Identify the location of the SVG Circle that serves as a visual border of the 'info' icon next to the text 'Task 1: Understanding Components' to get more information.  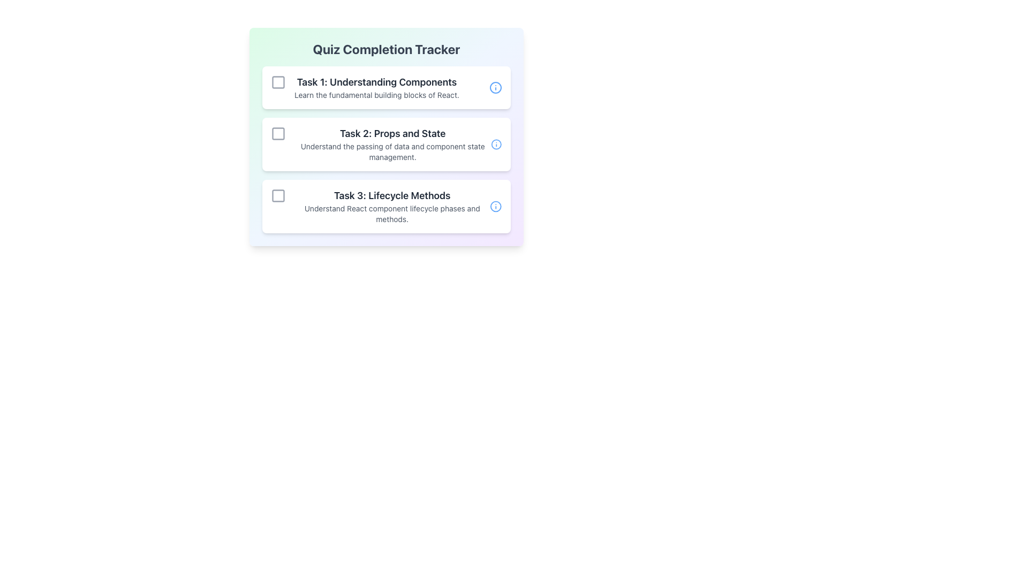
(495, 87).